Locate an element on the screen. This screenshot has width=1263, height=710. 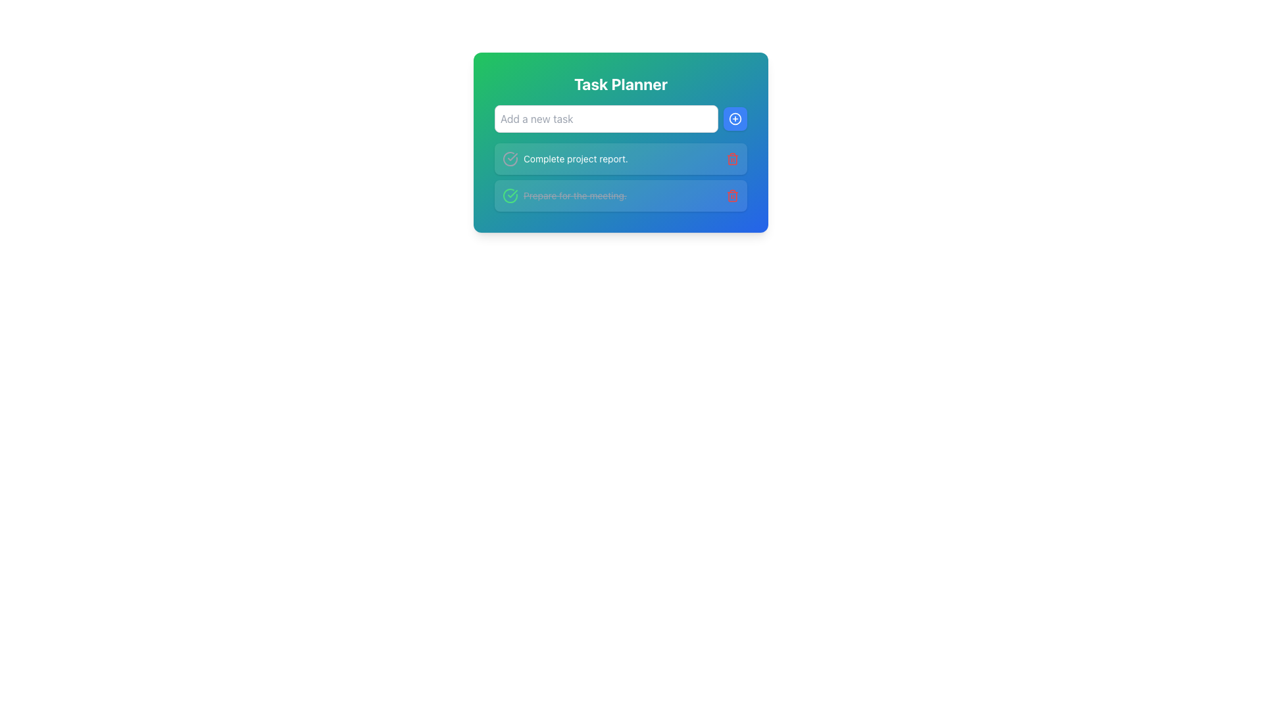
the to-do item representing the task 'Complete project report.' located under the 'Task Planner' heading is located at coordinates (565, 158).